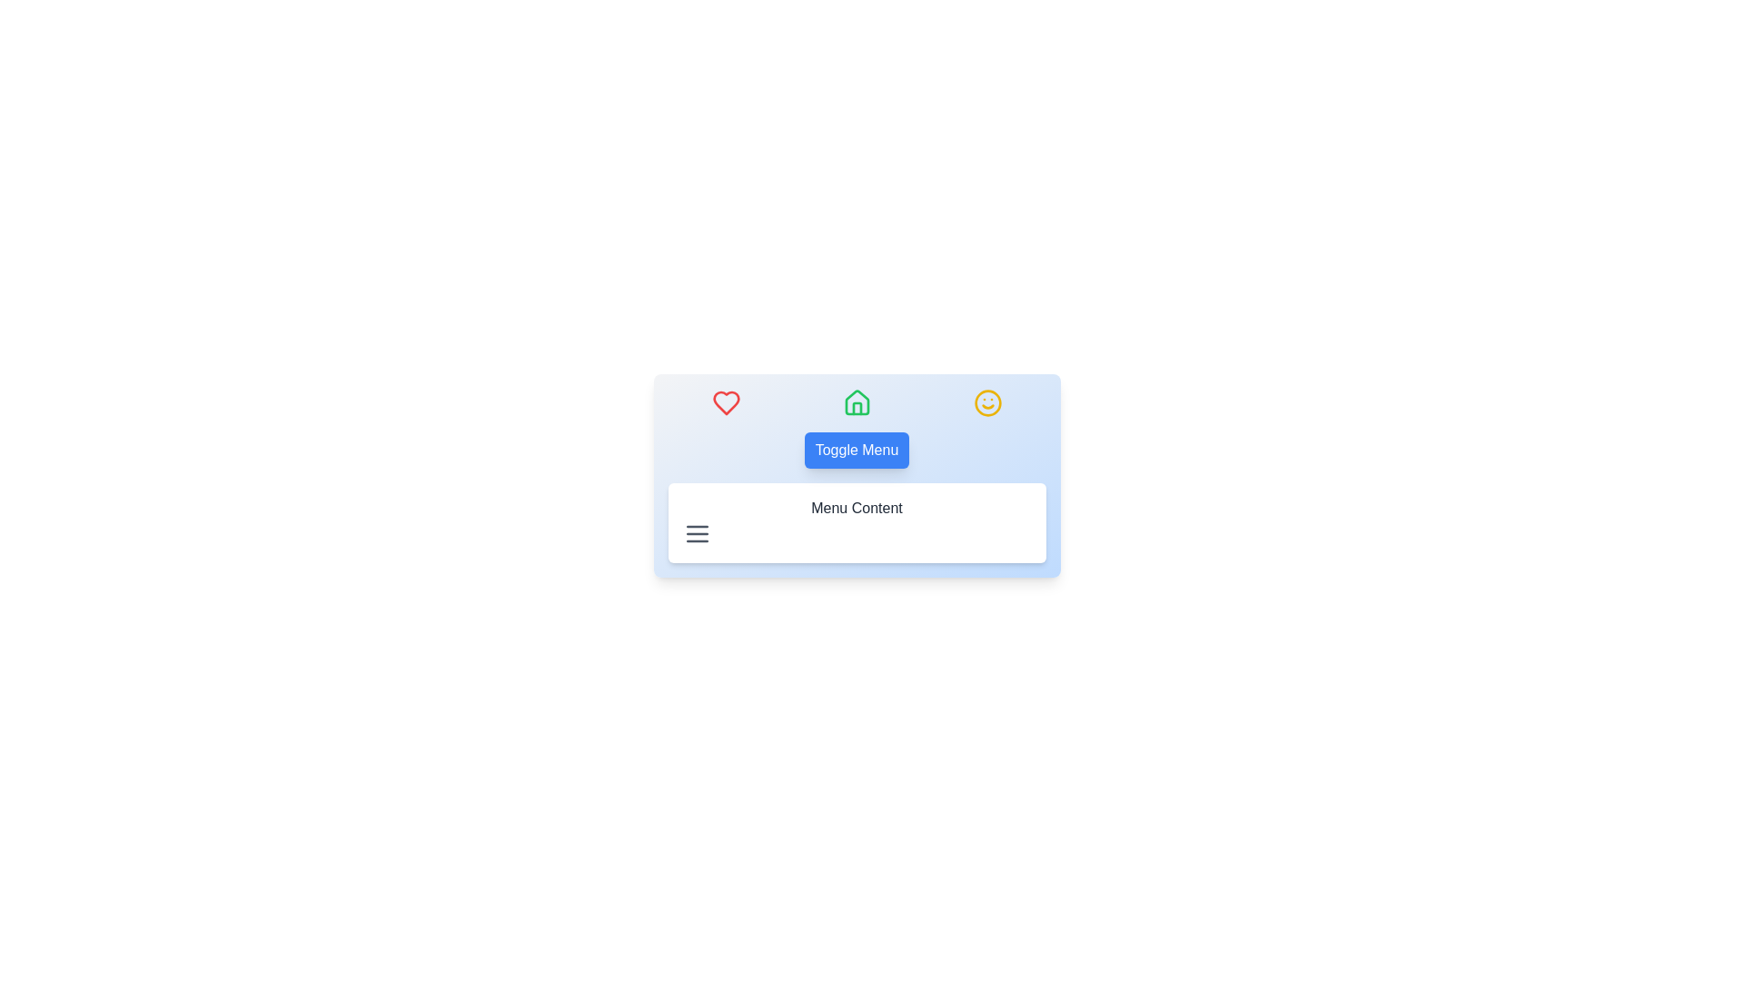 The image size is (1744, 981). Describe the element at coordinates (856, 401) in the screenshot. I see `the green house-shaped icon, which is the second icon in a row of three, located centrally between a red heart icon and a yellow smiley face icon` at that location.